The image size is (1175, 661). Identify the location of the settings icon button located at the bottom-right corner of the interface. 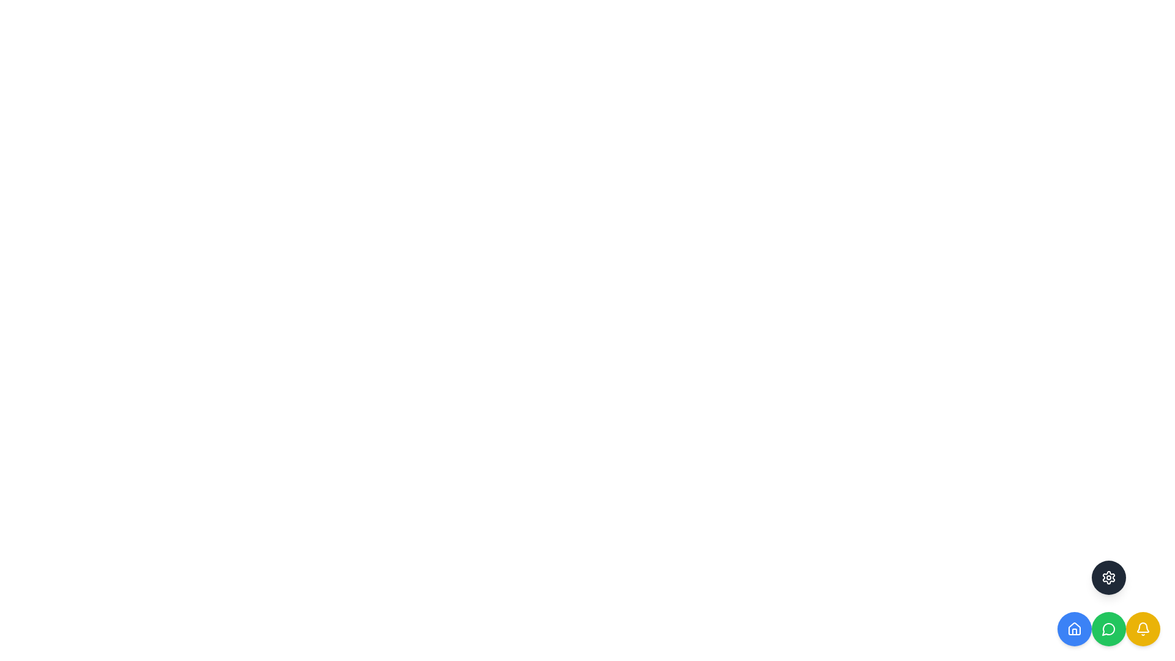
(1108, 578).